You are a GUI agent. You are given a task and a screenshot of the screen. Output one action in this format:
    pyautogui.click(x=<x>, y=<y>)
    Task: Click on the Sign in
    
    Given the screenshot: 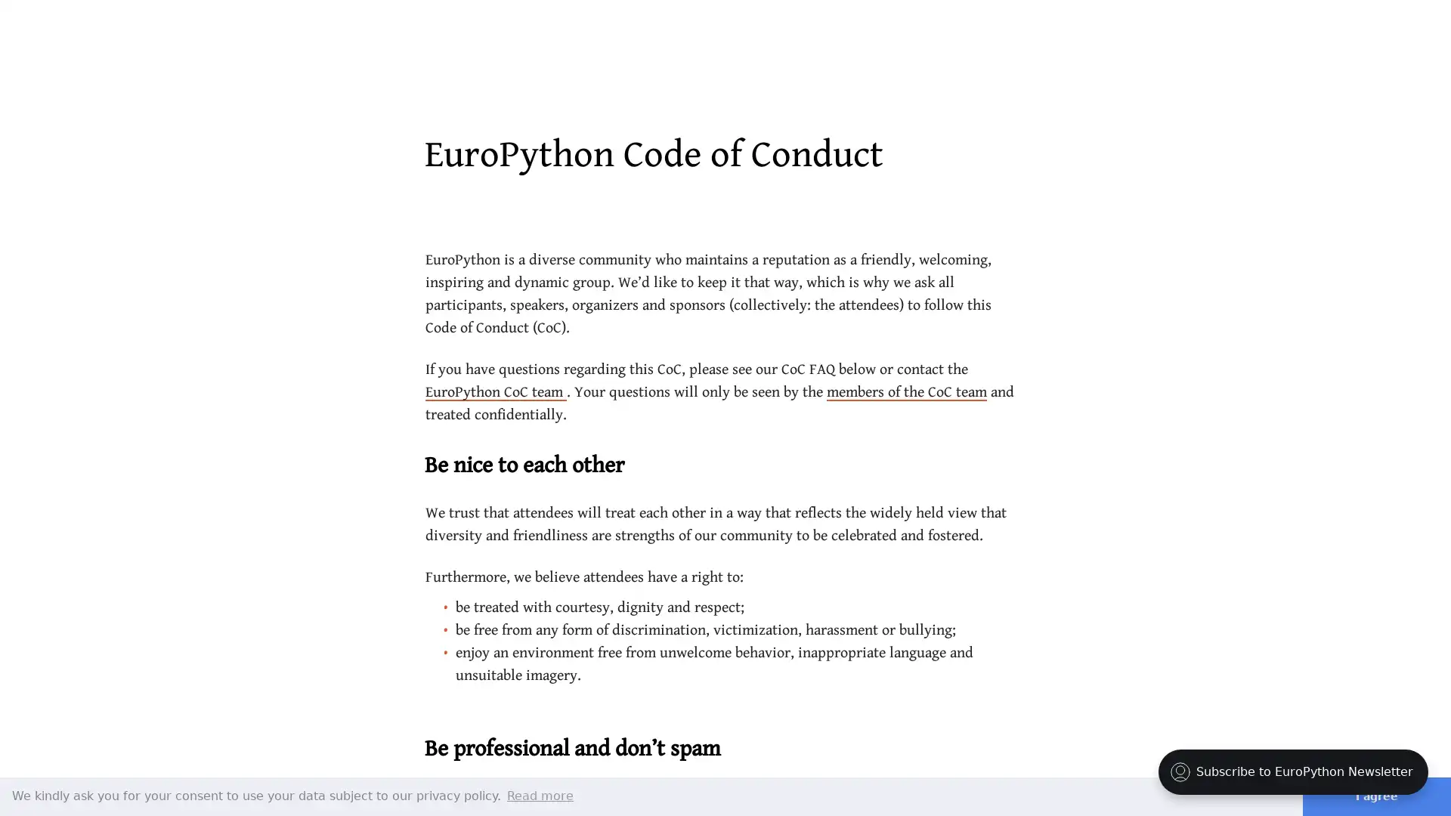 What is the action you would take?
    pyautogui.click(x=1331, y=29)
    